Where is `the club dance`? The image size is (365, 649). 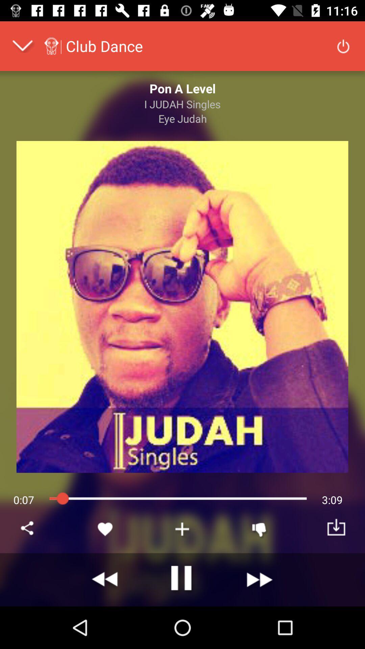 the club dance is located at coordinates (104, 46).